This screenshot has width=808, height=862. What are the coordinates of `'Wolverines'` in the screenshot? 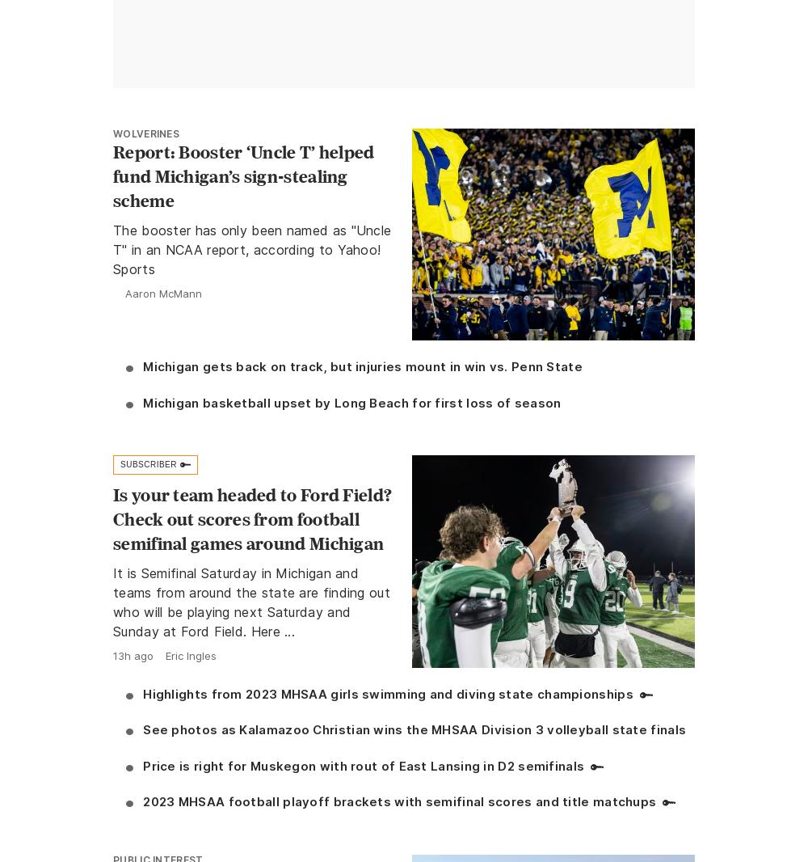 It's located at (146, 132).